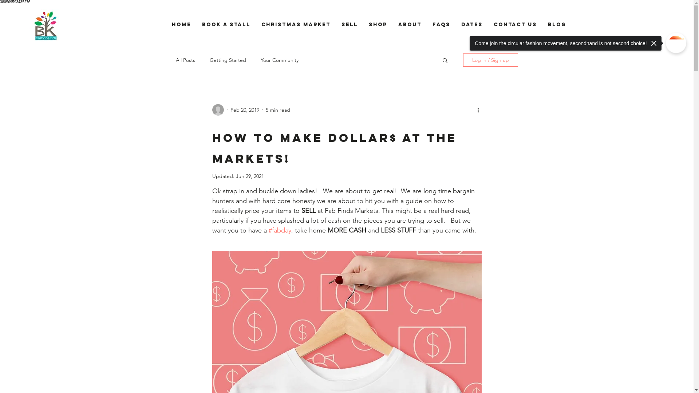  What do you see at coordinates (279, 230) in the screenshot?
I see `'#fabday'` at bounding box center [279, 230].